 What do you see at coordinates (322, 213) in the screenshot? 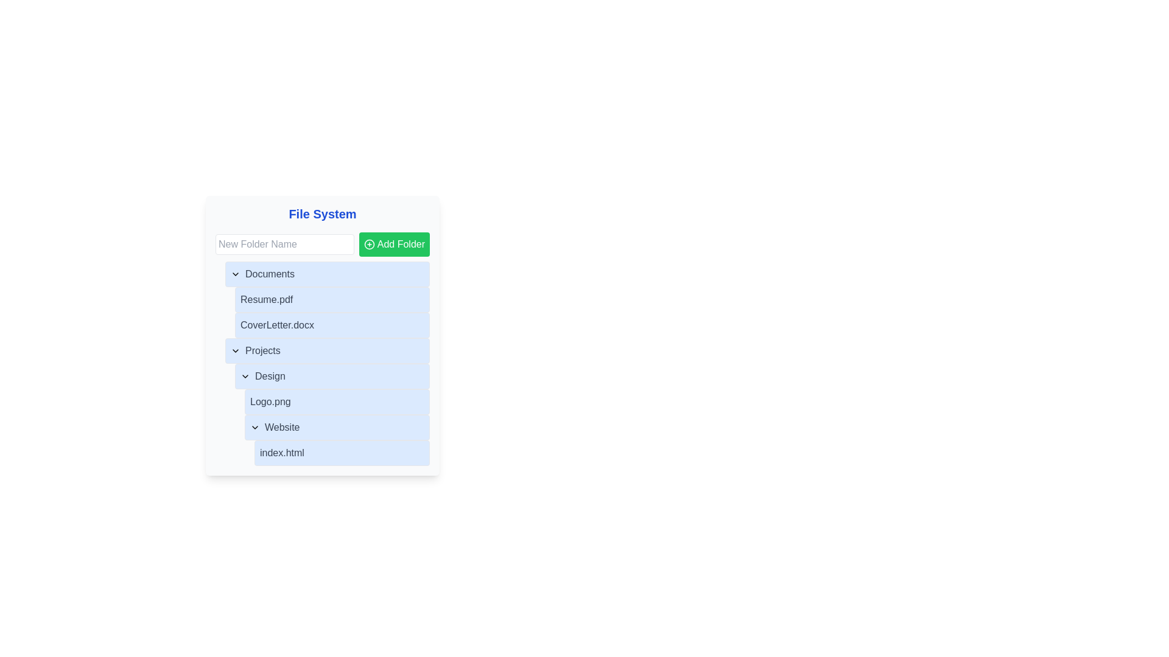
I see `the bold blue text label reading 'File System' which is prominently positioned at the top of a panel and serves as the title of the card` at bounding box center [322, 213].